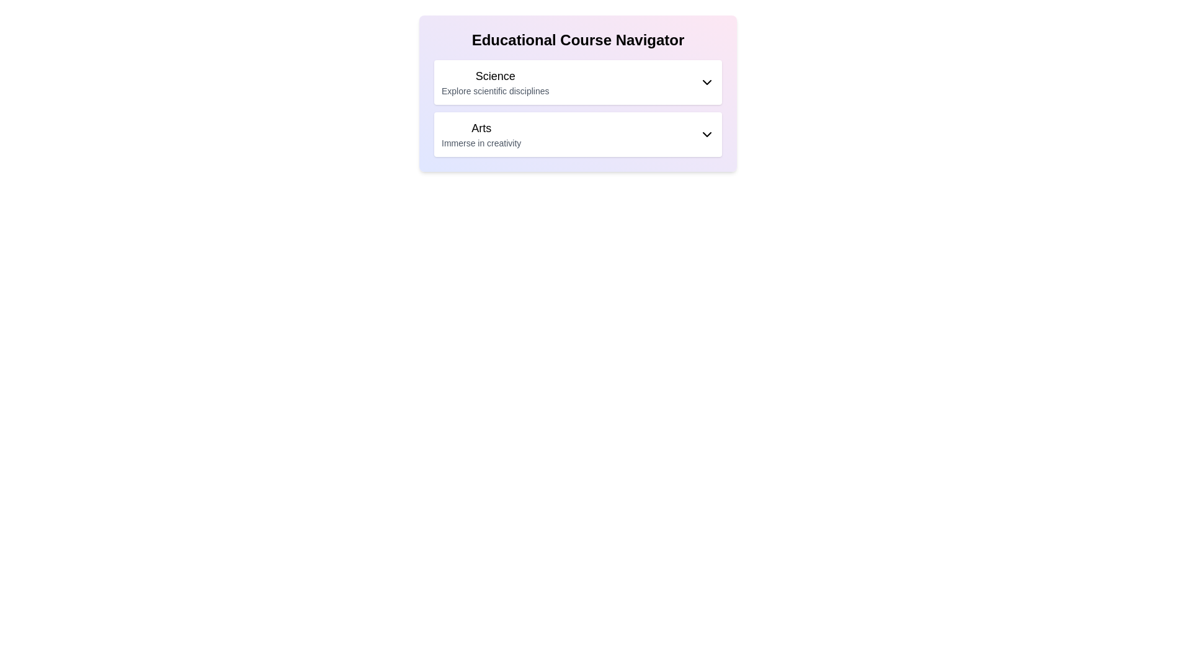  What do you see at coordinates (707, 82) in the screenshot?
I see `the downward-pointing chevron SVG icon located to the far right of the 'Science' section` at bounding box center [707, 82].